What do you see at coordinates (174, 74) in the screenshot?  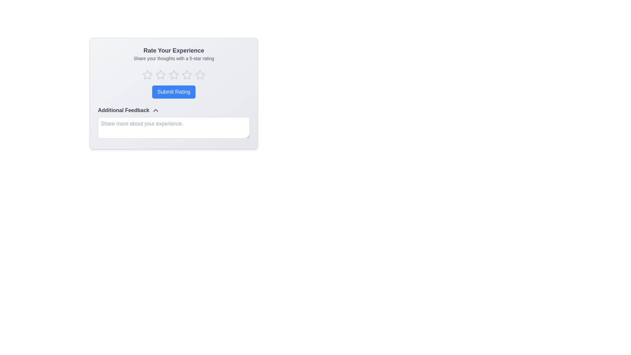 I see `the third star icon with a hollow center and light gray outline` at bounding box center [174, 74].